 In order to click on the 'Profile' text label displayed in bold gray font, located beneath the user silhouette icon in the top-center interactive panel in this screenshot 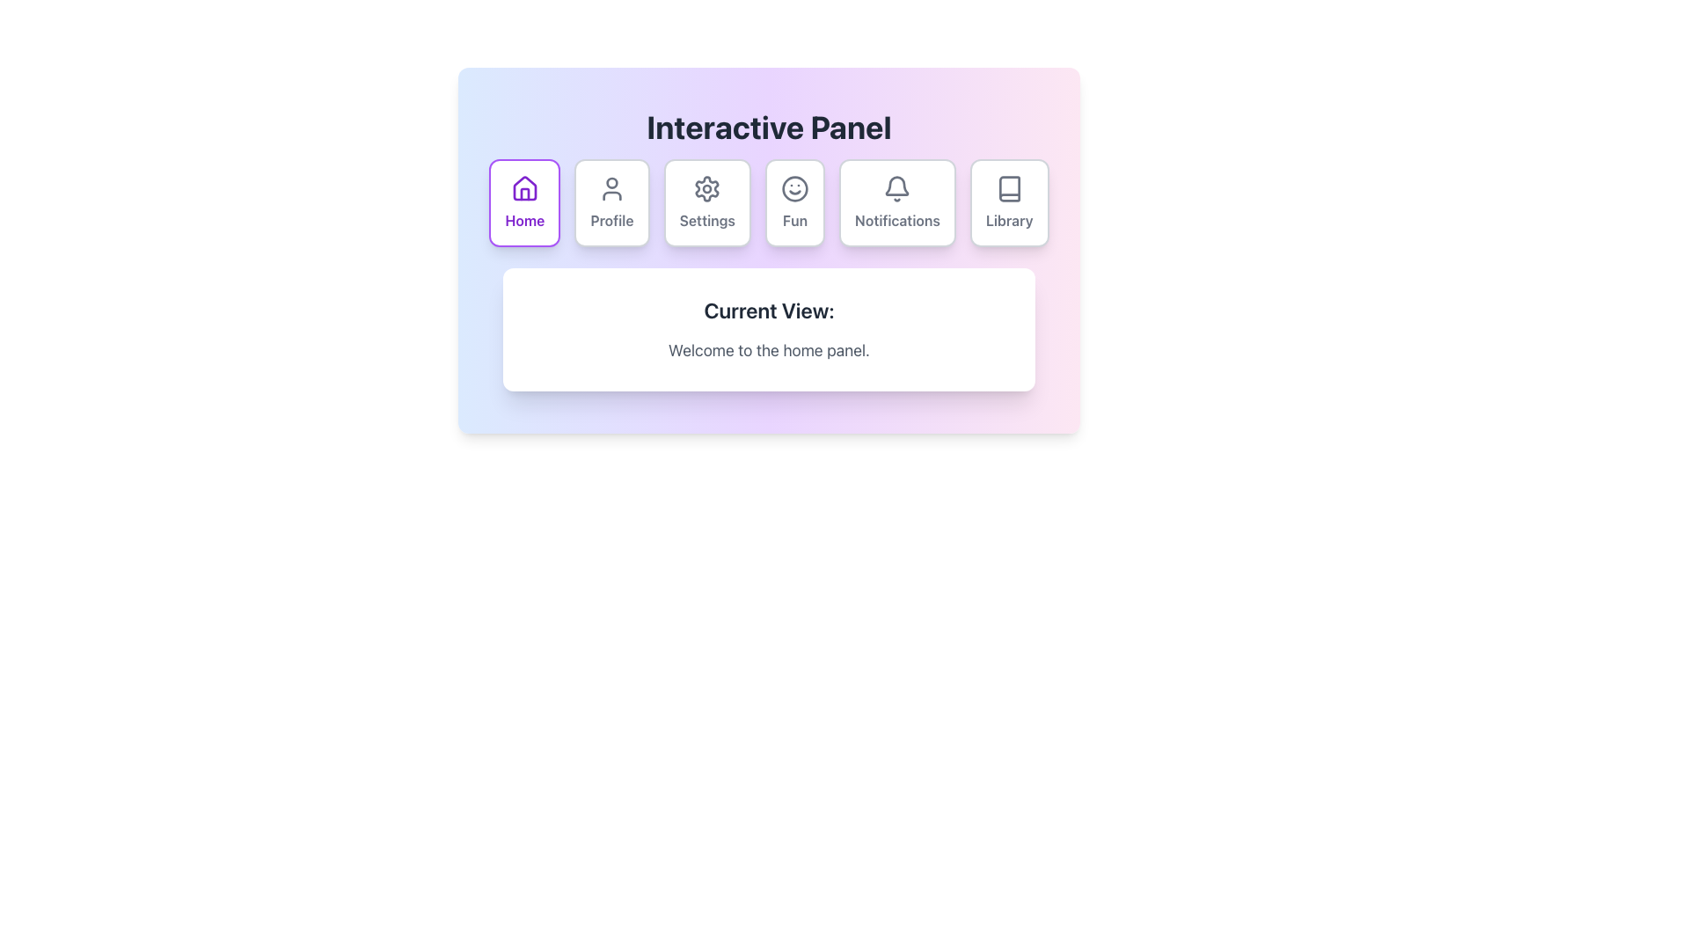, I will do `click(612, 219)`.